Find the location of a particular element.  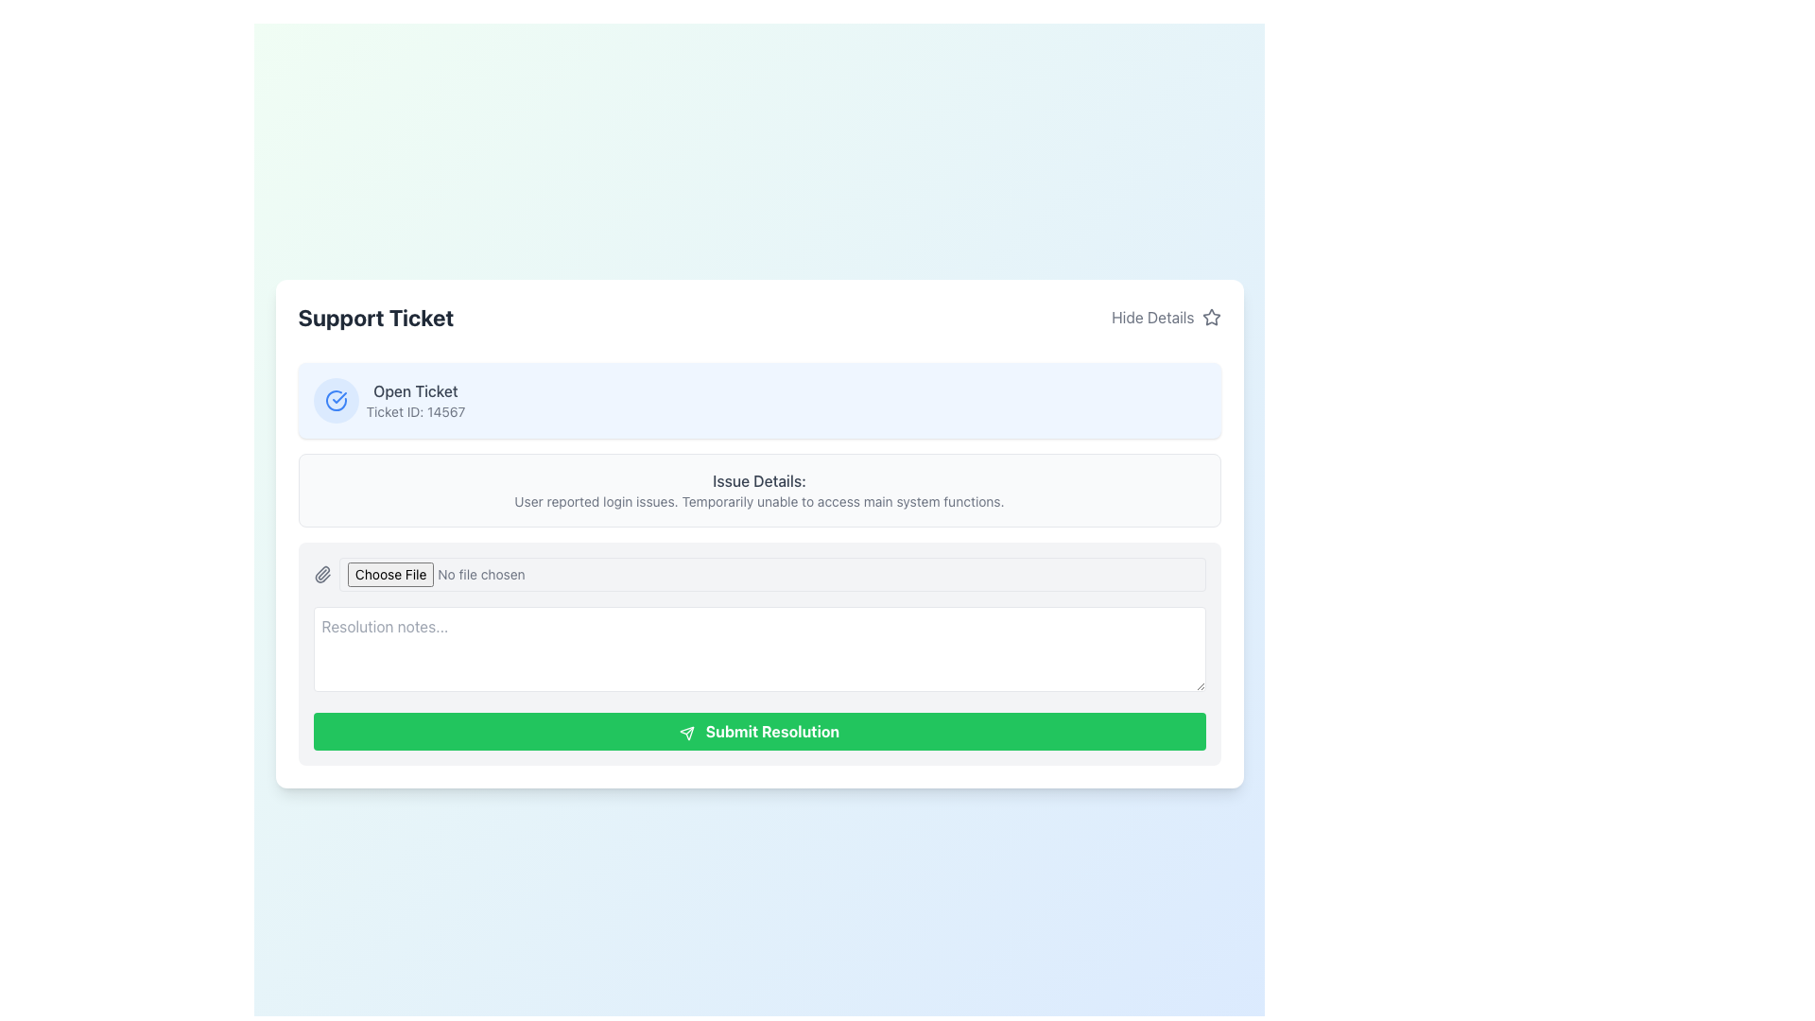

the interactive link with an icon at the top right corner of the 'Support Ticket' section header to hide additional details about the support ticket is located at coordinates (1165, 316).